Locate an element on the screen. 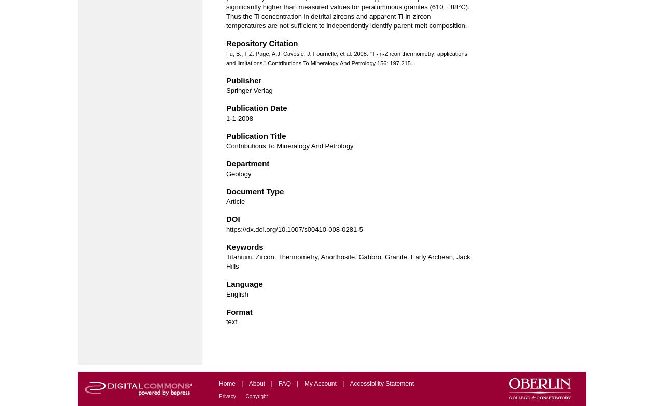 The image size is (664, 406). 'Privacy' is located at coordinates (218, 396).